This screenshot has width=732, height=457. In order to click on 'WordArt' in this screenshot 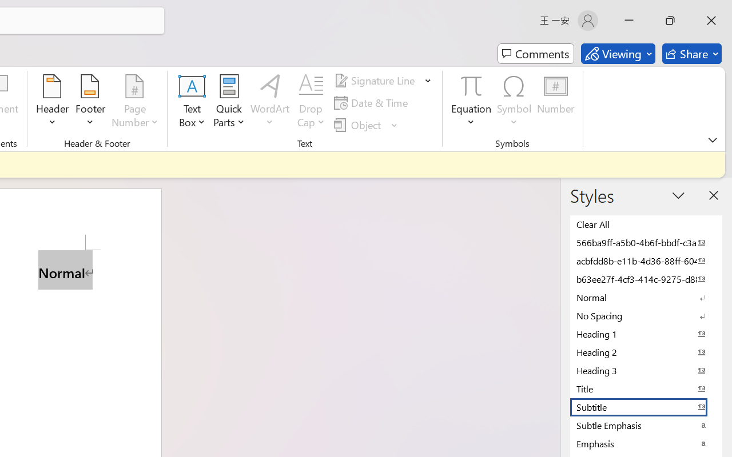, I will do `click(269, 102)`.